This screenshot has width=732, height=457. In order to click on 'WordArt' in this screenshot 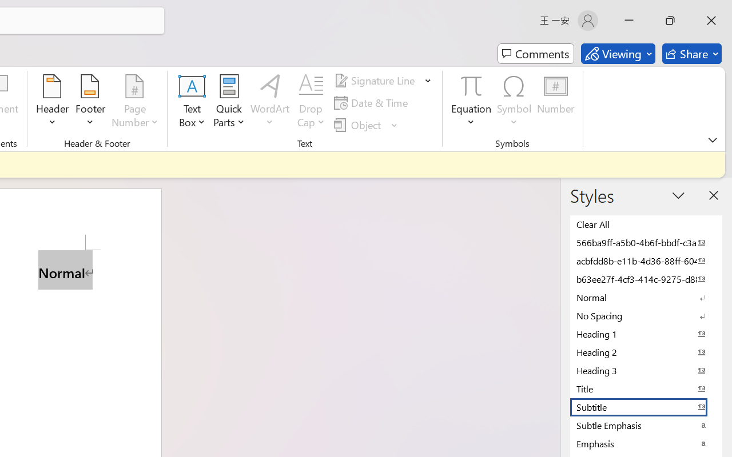, I will do `click(269, 102)`.